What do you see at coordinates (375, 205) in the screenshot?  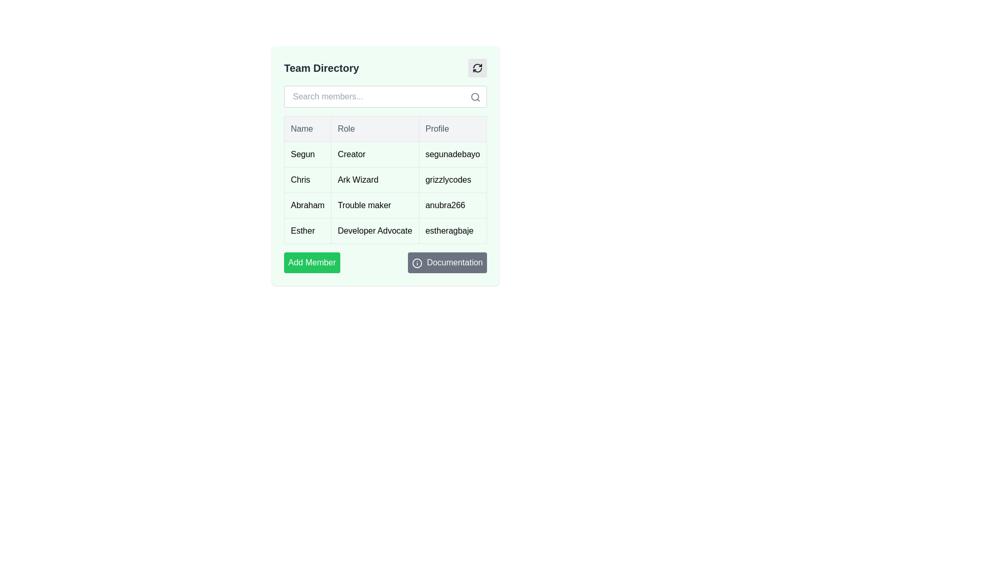 I see `the text label displaying 'Trouble maker' in the Role column of the Team Directory table, located in the third row` at bounding box center [375, 205].